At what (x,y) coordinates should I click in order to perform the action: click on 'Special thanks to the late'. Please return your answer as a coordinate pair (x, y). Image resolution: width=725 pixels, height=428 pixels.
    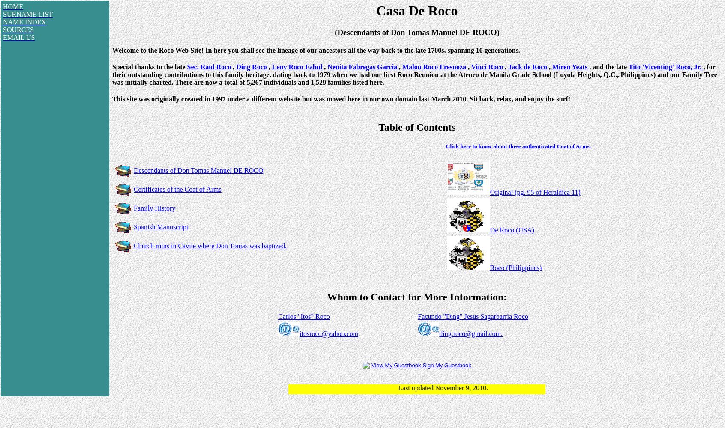
    Looking at the image, I should click on (149, 66).